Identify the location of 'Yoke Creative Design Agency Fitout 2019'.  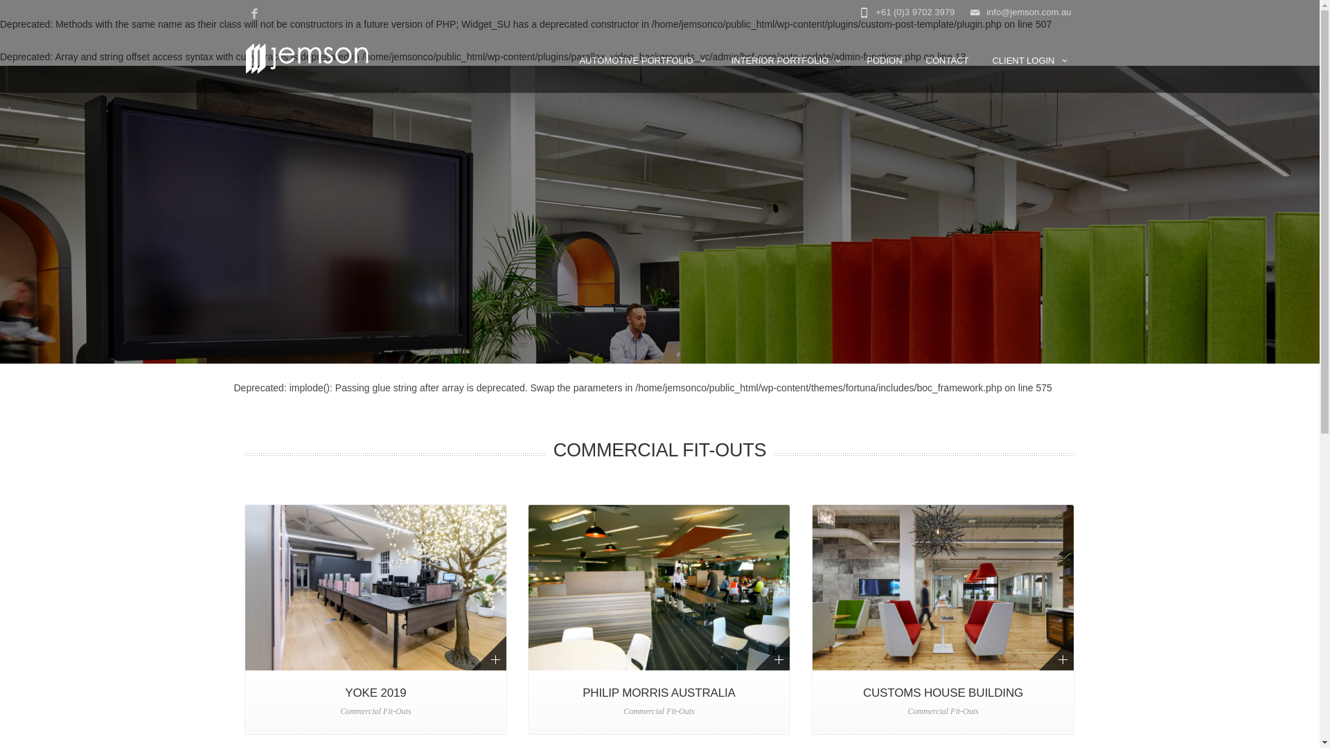
(375, 587).